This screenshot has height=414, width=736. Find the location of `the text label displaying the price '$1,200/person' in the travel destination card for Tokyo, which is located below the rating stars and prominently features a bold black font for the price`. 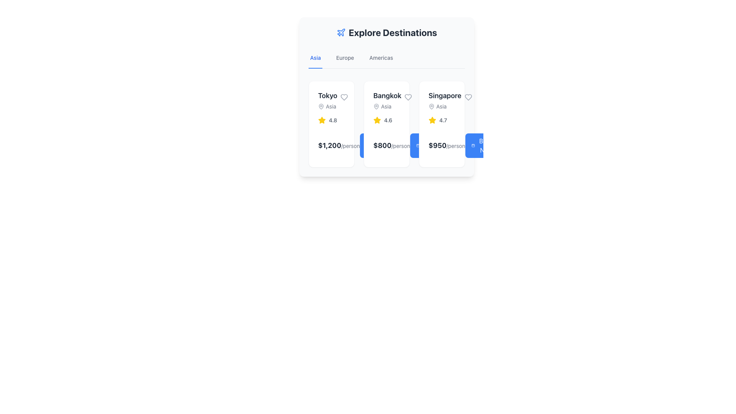

the text label displaying the price '$1,200/person' in the travel destination card for Tokyo, which is located below the rating stars and prominently features a bold black font for the price is located at coordinates (338, 146).